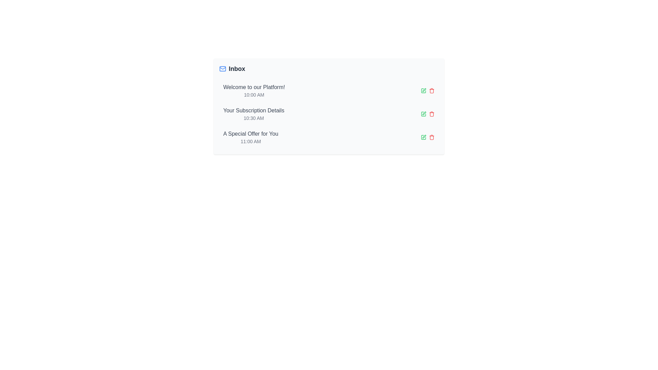 The height and width of the screenshot is (370, 658). What do you see at coordinates (423, 113) in the screenshot?
I see `the edit icon button located in the second row of the list, immediately to the left of the red trash icon` at bounding box center [423, 113].